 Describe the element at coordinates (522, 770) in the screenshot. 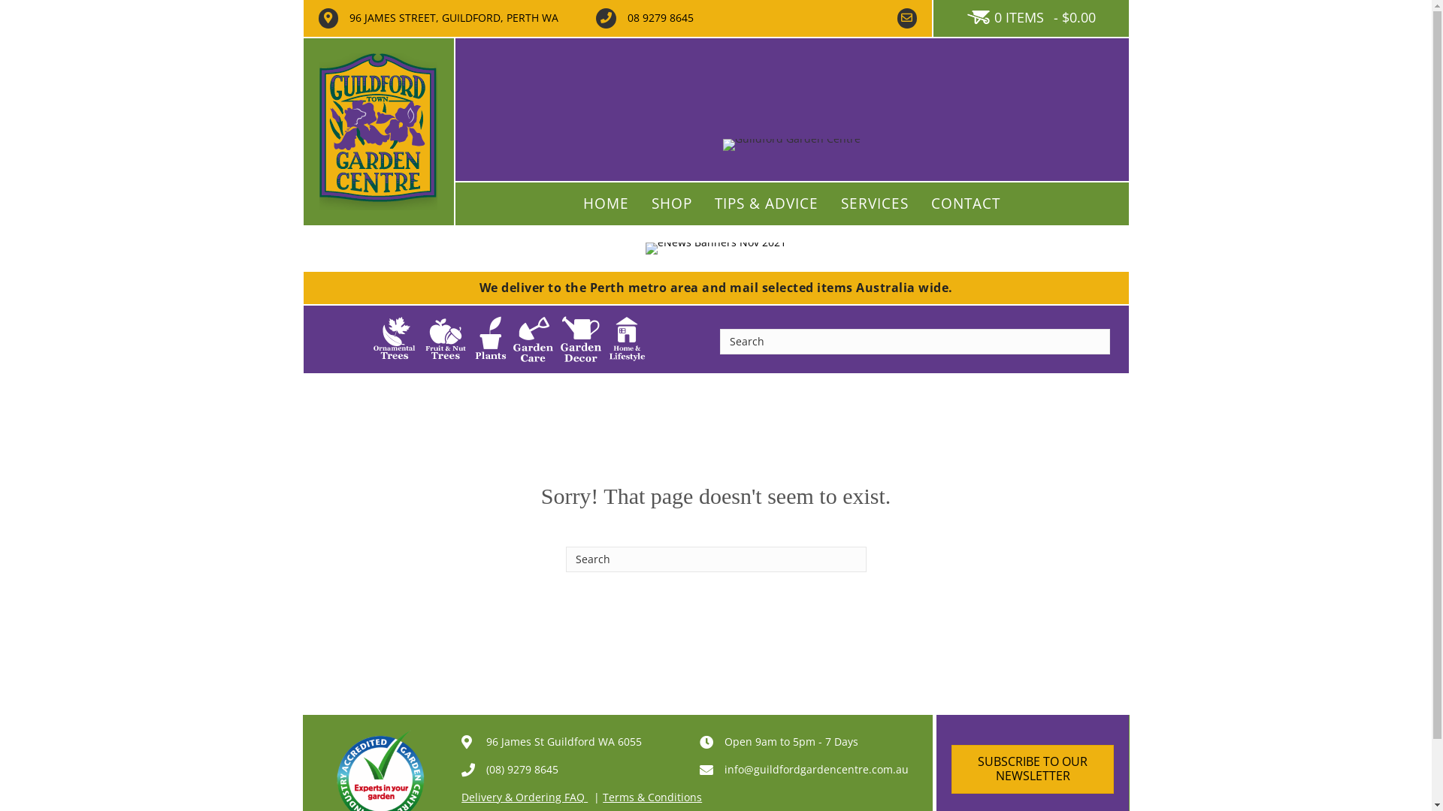

I see `'(08) 9279 8645'` at that location.